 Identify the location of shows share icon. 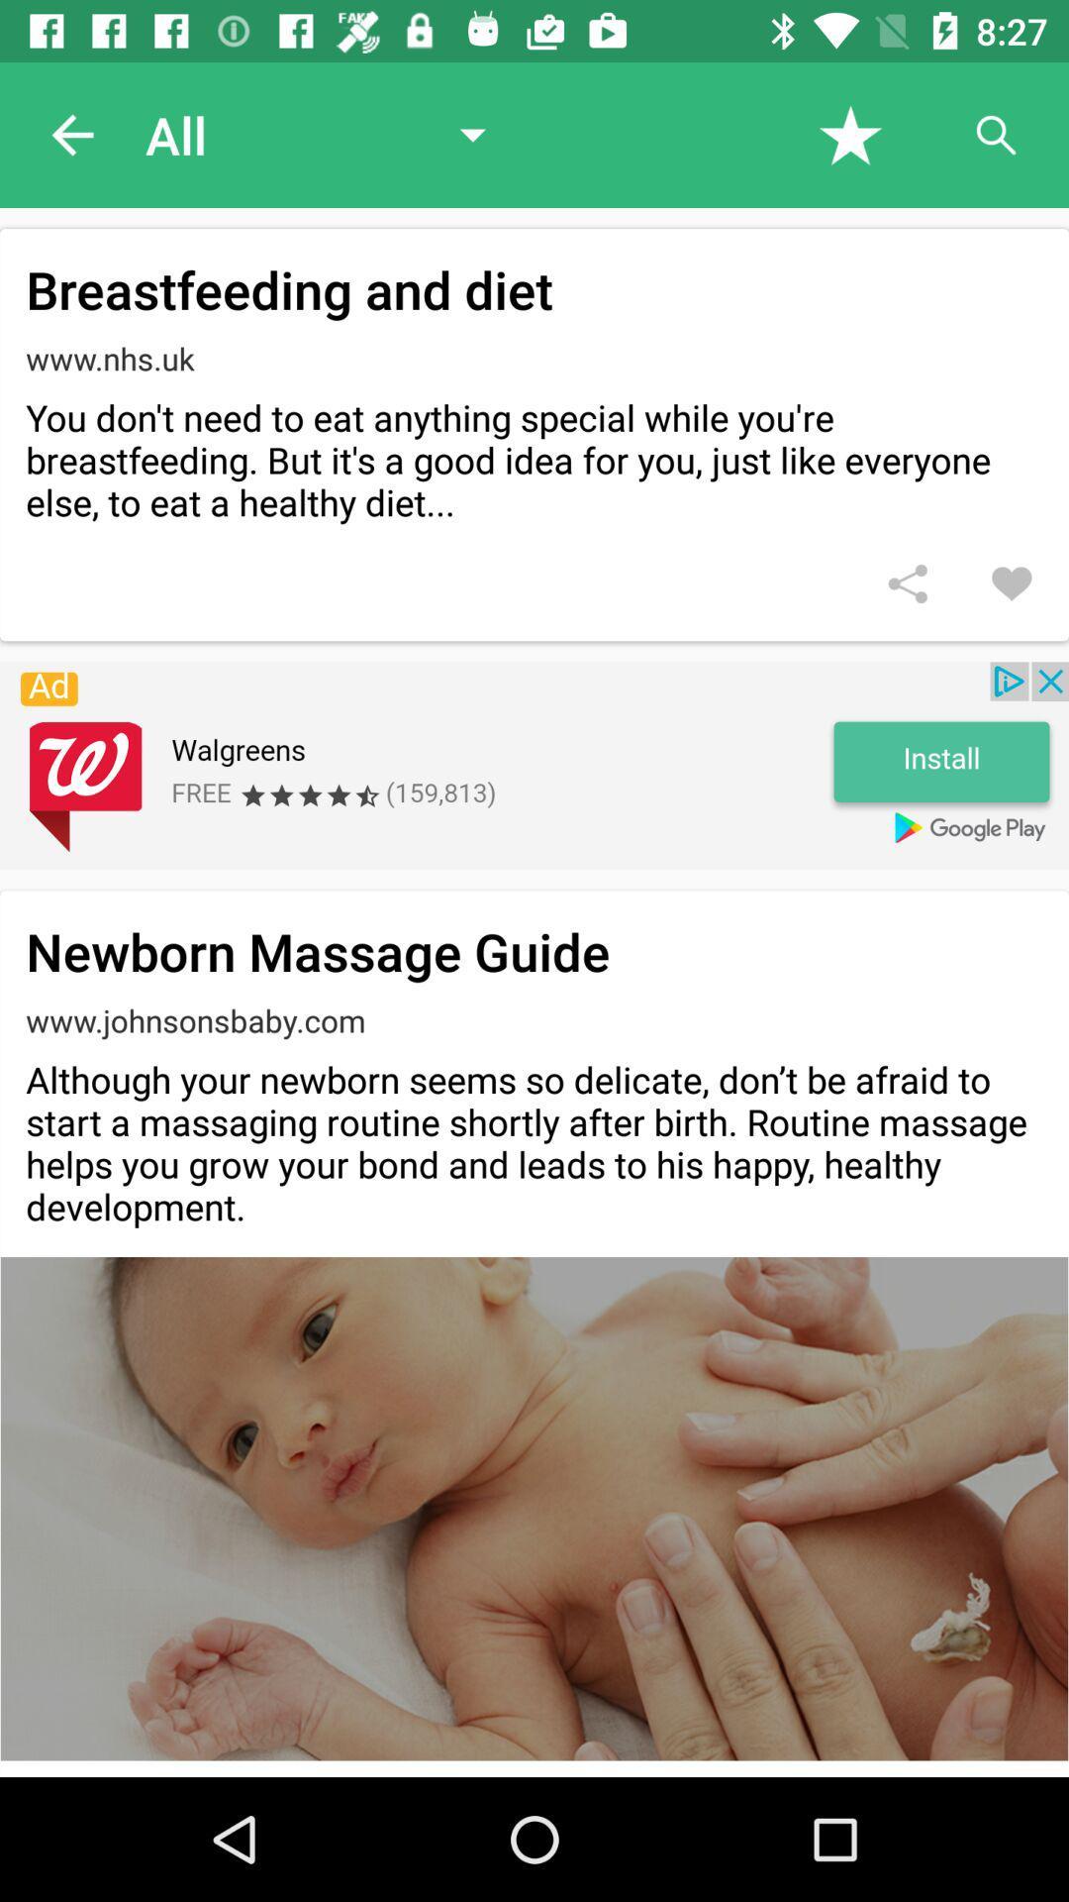
(908, 582).